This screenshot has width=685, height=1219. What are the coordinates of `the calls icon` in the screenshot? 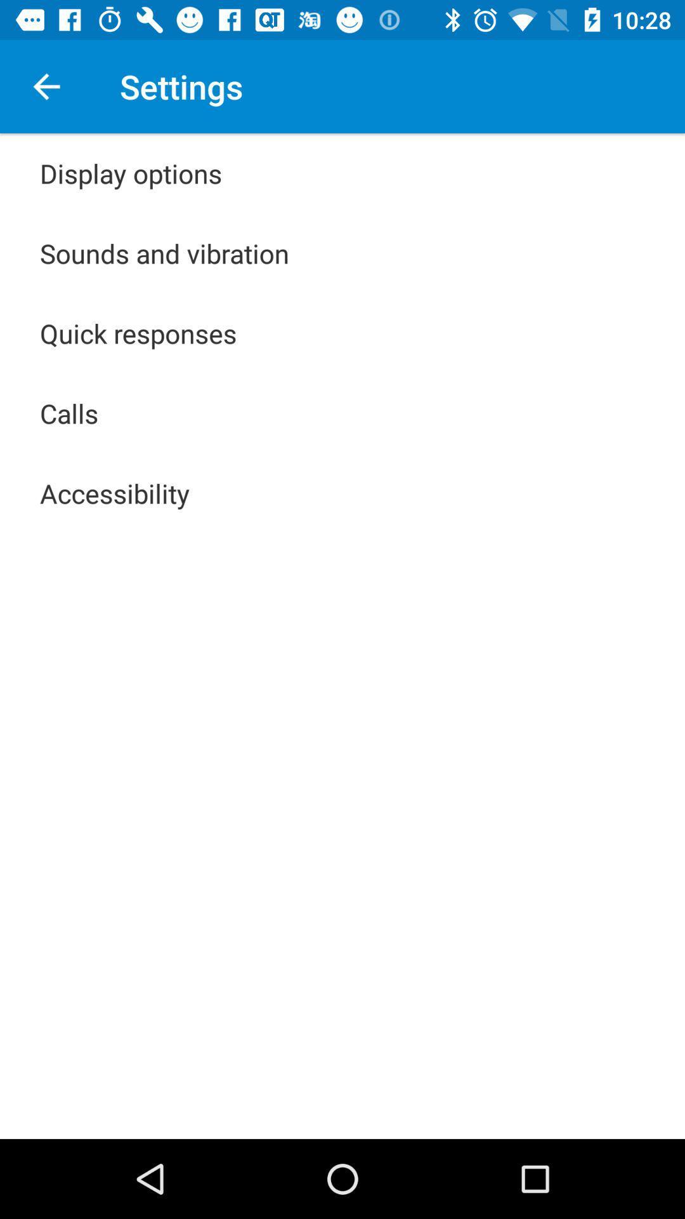 It's located at (69, 413).